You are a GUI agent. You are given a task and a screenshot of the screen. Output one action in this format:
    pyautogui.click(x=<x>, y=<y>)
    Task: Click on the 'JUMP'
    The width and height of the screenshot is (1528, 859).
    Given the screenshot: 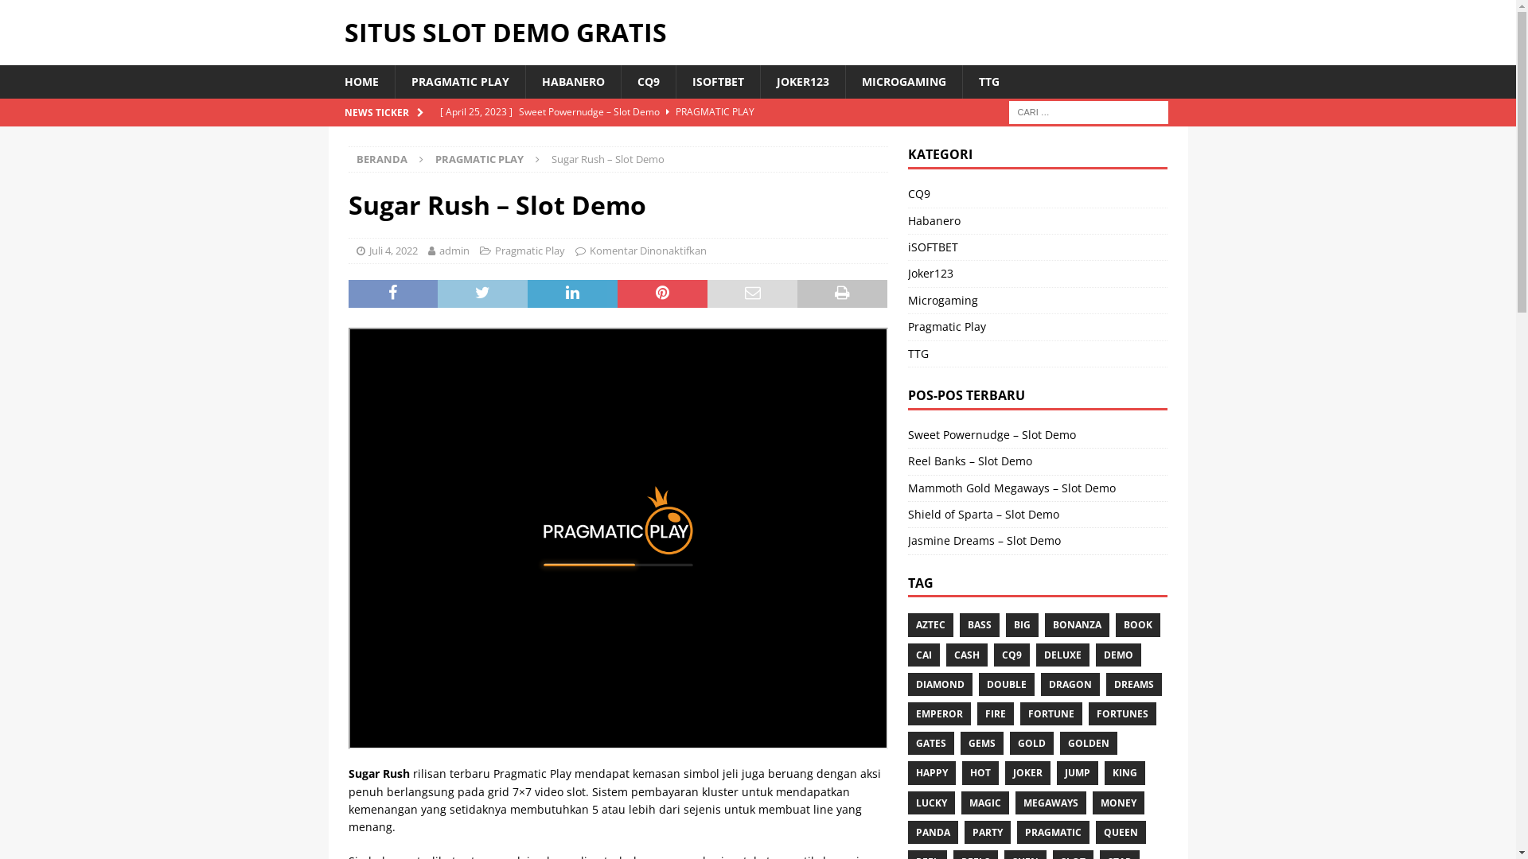 What is the action you would take?
    pyautogui.click(x=1077, y=772)
    